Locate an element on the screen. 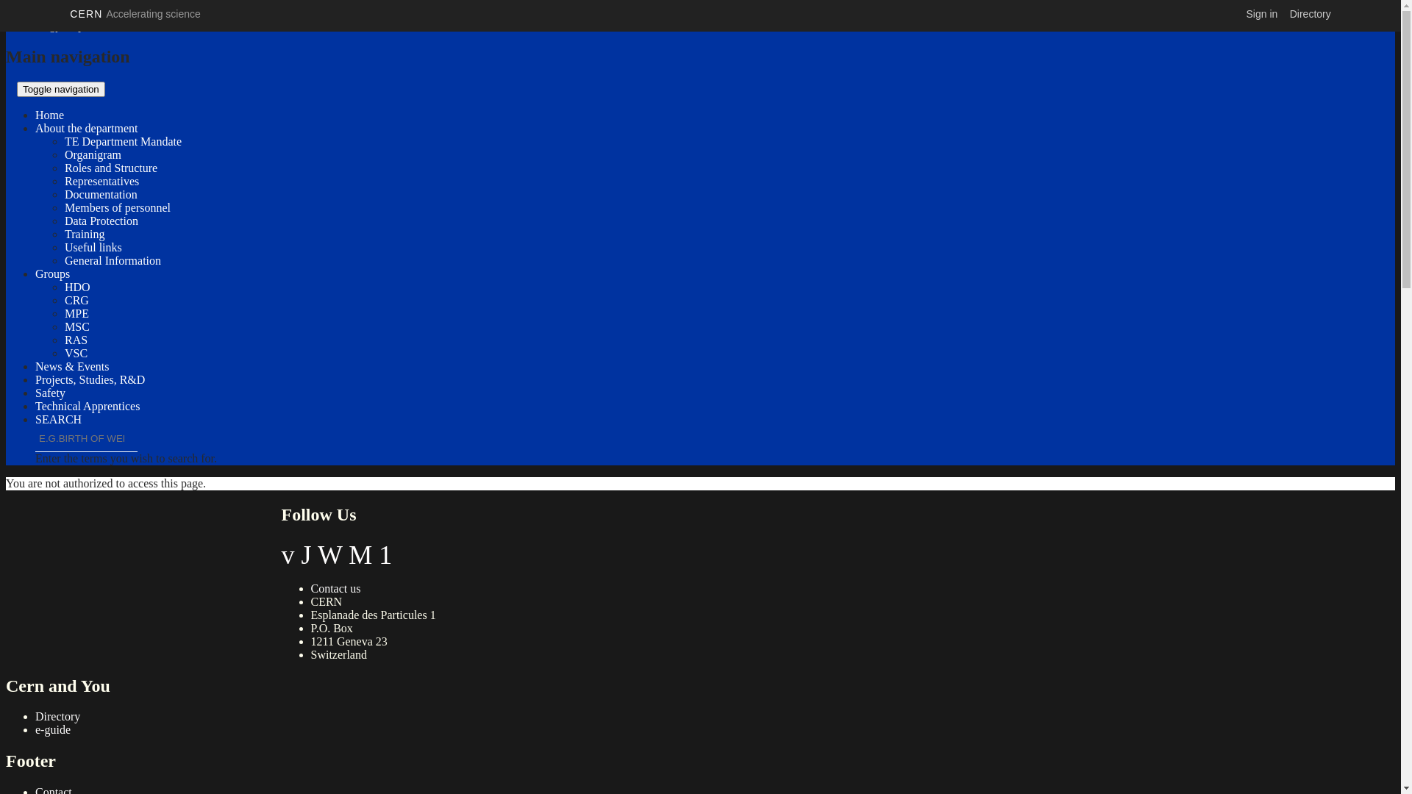  'Projects, Studies, R&D' is located at coordinates (35, 379).